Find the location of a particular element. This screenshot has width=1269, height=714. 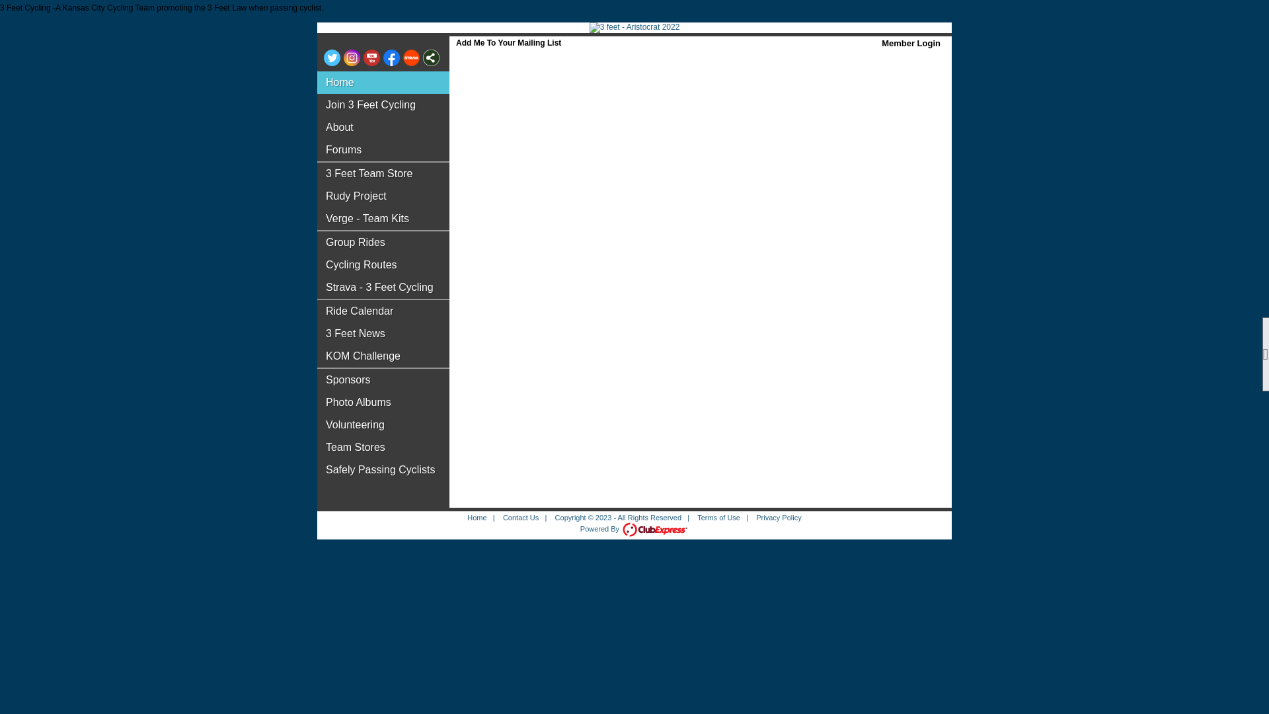

'Strava - 3 Feet Cycling' is located at coordinates (383, 287).